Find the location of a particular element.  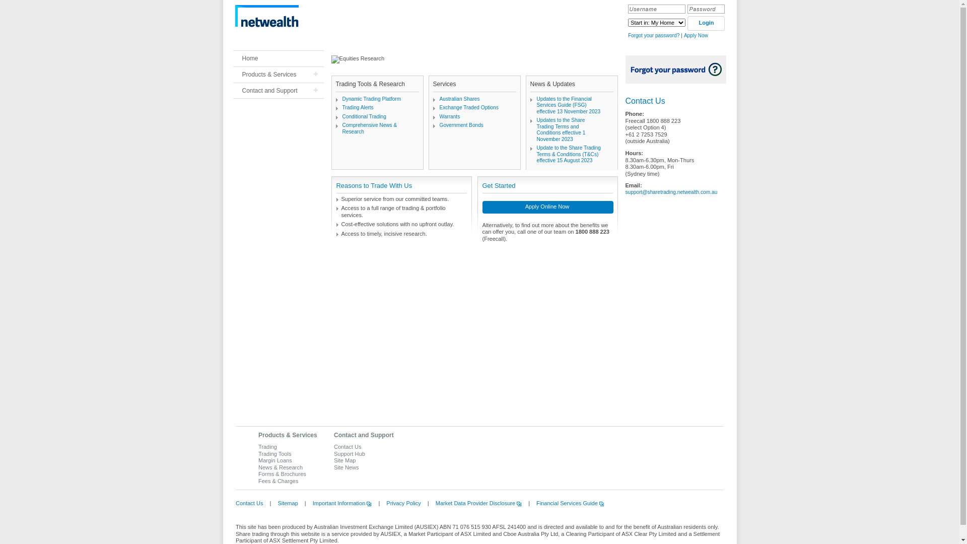

'Government Bonds' is located at coordinates (460, 124).